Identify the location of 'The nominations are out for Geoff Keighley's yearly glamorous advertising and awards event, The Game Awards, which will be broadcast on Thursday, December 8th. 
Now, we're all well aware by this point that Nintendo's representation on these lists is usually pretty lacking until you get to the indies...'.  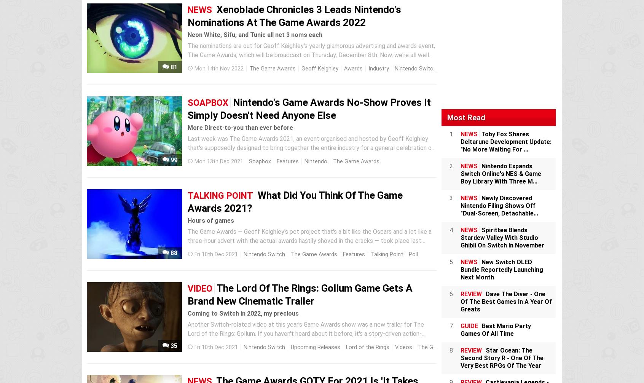
(312, 59).